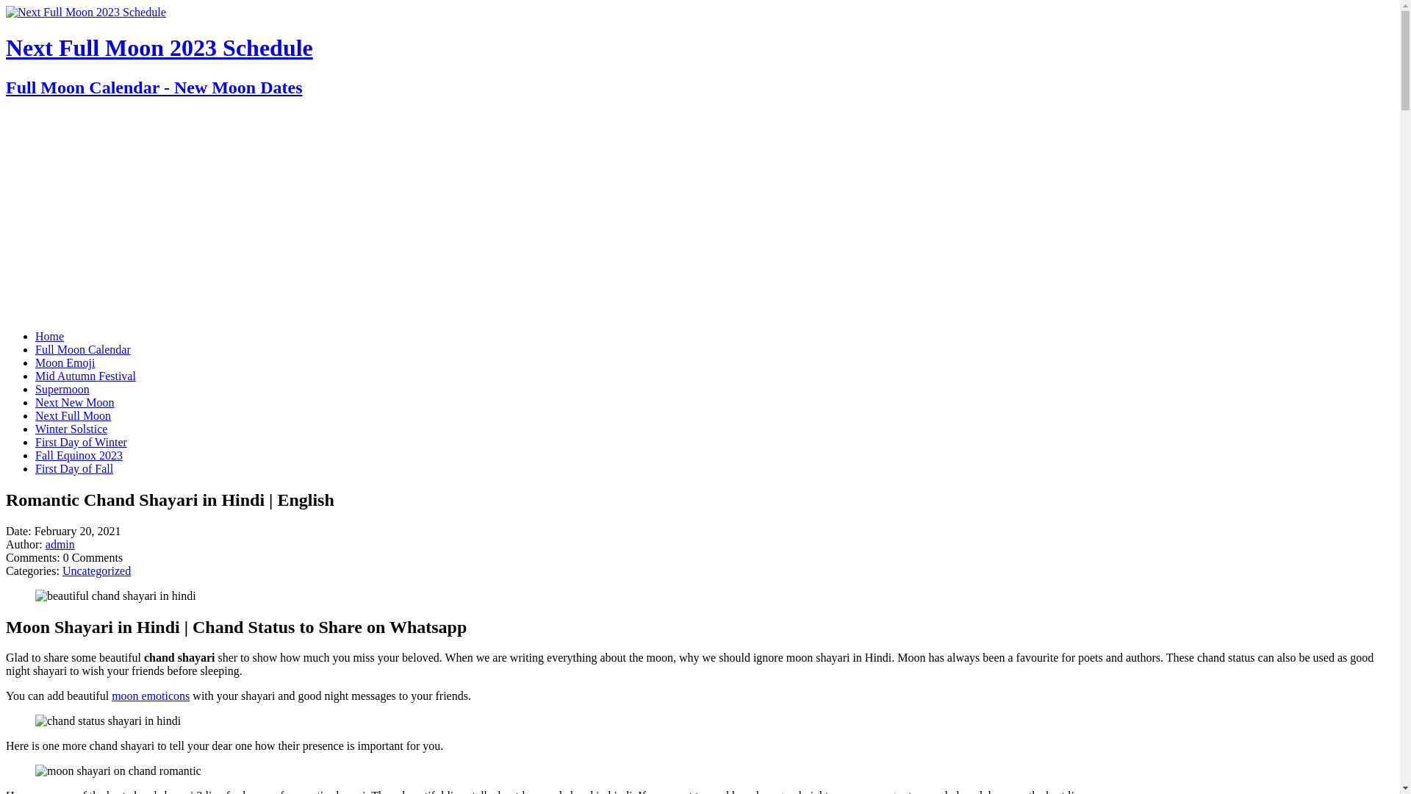 The image size is (1411, 794). I want to click on 'First Day of Winter', so click(80, 441).